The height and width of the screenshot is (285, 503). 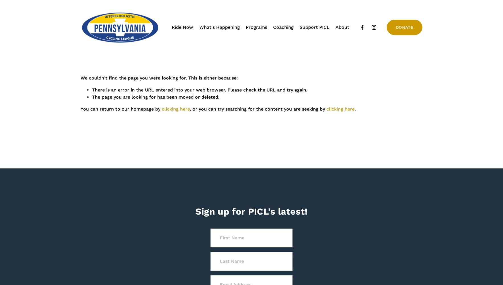 I want to click on 'About', so click(x=342, y=27).